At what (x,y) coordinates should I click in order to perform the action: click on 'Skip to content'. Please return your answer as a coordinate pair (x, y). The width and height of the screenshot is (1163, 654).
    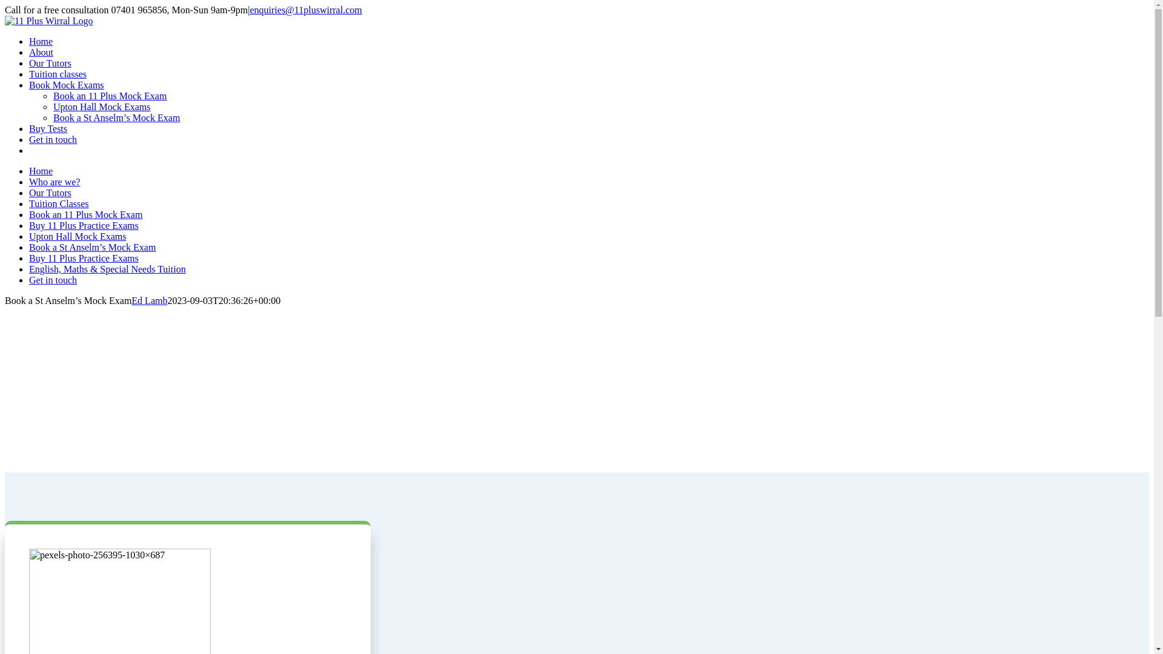
    Looking at the image, I should click on (4, 4).